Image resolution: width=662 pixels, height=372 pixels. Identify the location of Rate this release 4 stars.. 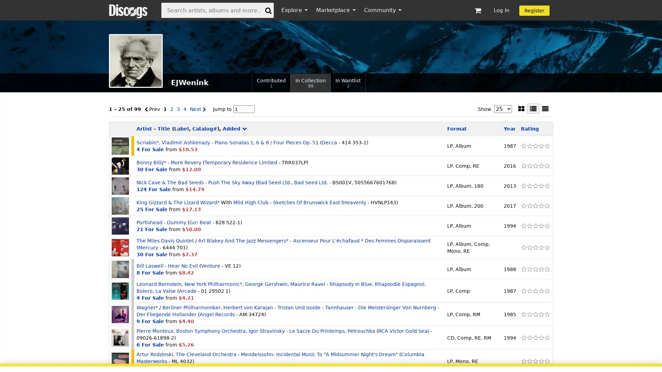
(541, 291).